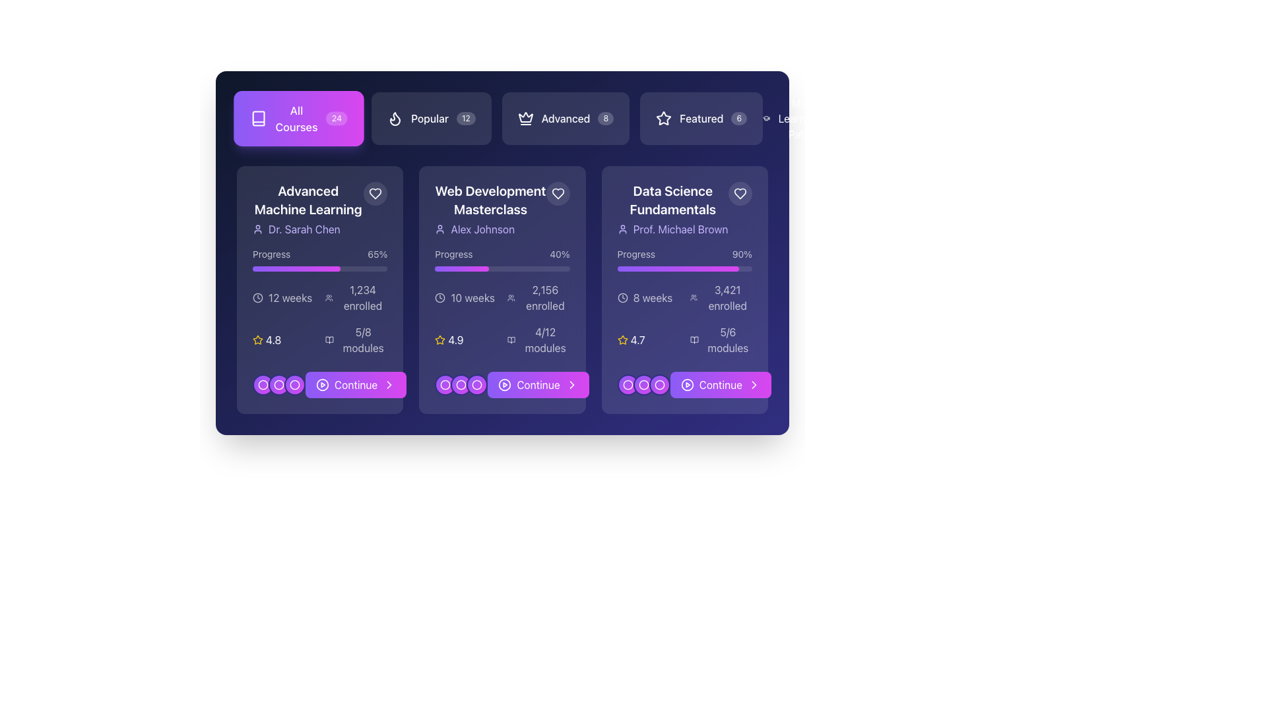 This screenshot has height=712, width=1267. I want to click on the informational text label displaying the course duration '12 weeks' located at the center-right region of the card titled 'Advanced Machine Learning', so click(290, 297).